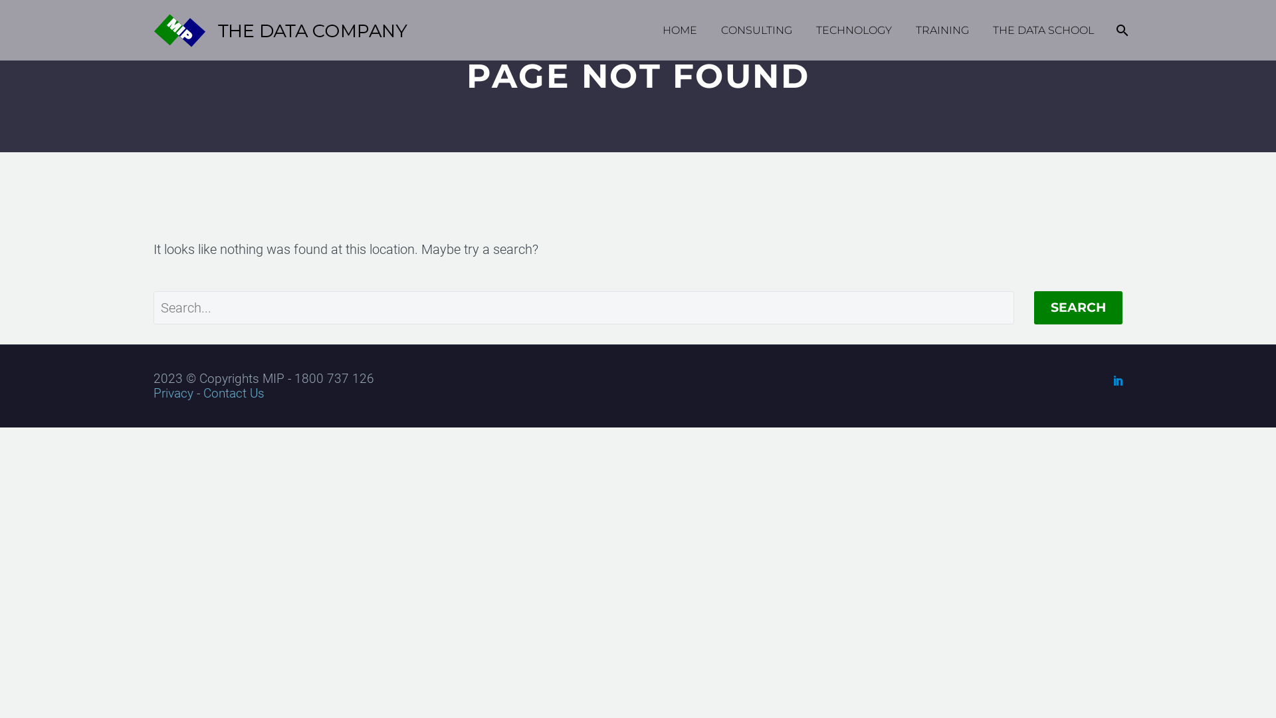 The height and width of the screenshot is (718, 1276). I want to click on 'HOME', so click(679, 30).